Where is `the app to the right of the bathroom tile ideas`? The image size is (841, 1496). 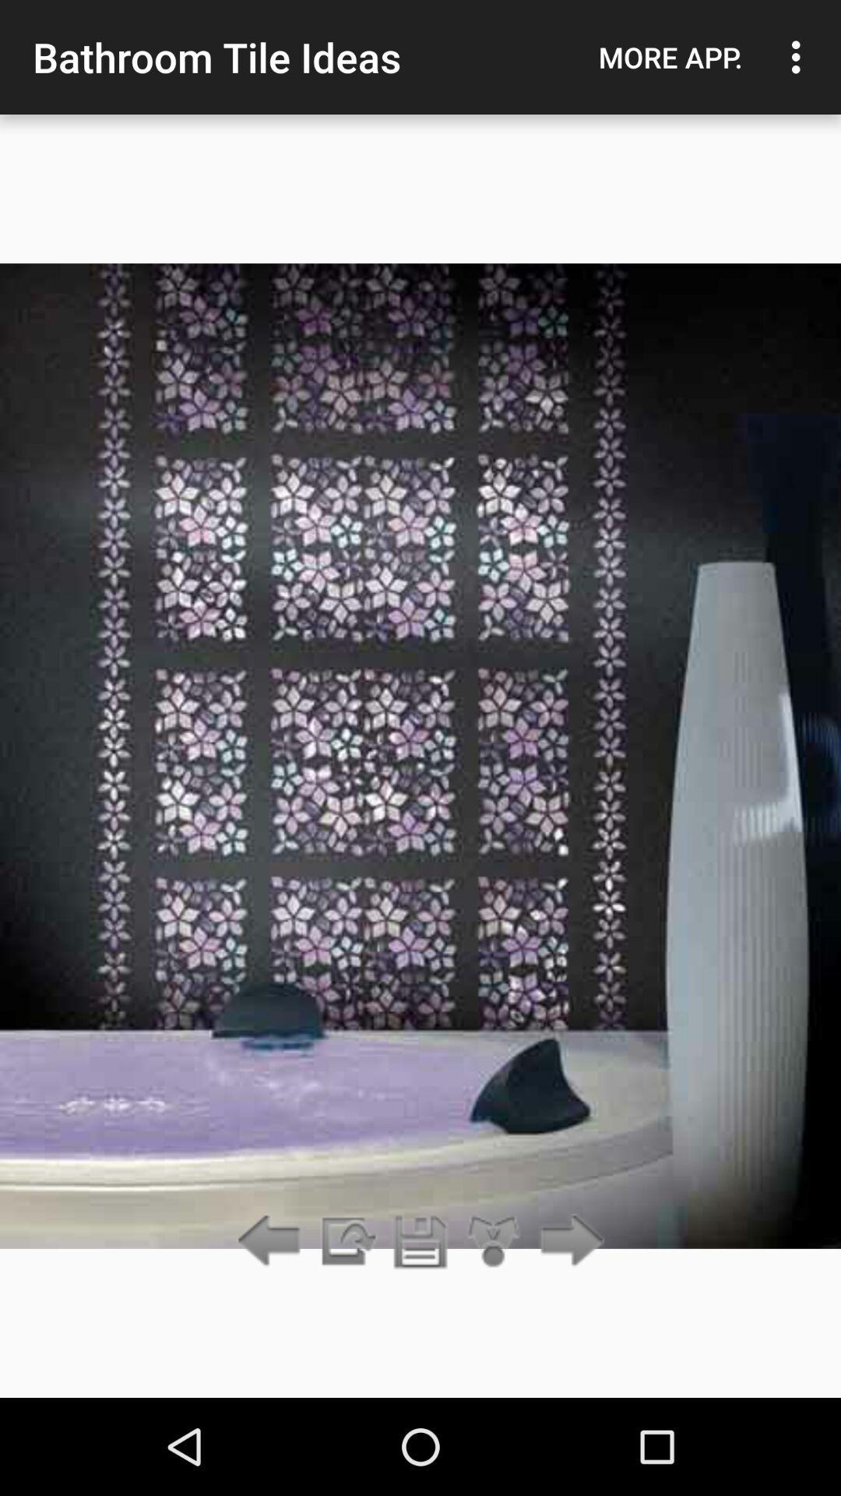 the app to the right of the bathroom tile ideas is located at coordinates (670, 57).